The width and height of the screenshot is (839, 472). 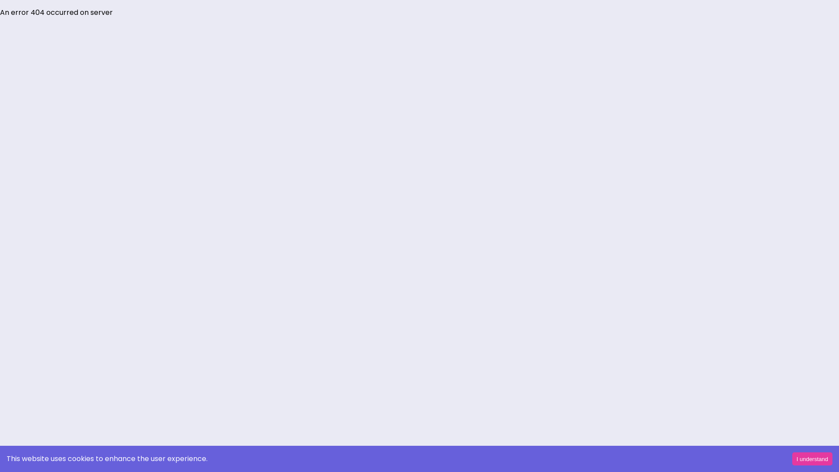 What do you see at coordinates (792, 458) in the screenshot?
I see `'I understand'` at bounding box center [792, 458].